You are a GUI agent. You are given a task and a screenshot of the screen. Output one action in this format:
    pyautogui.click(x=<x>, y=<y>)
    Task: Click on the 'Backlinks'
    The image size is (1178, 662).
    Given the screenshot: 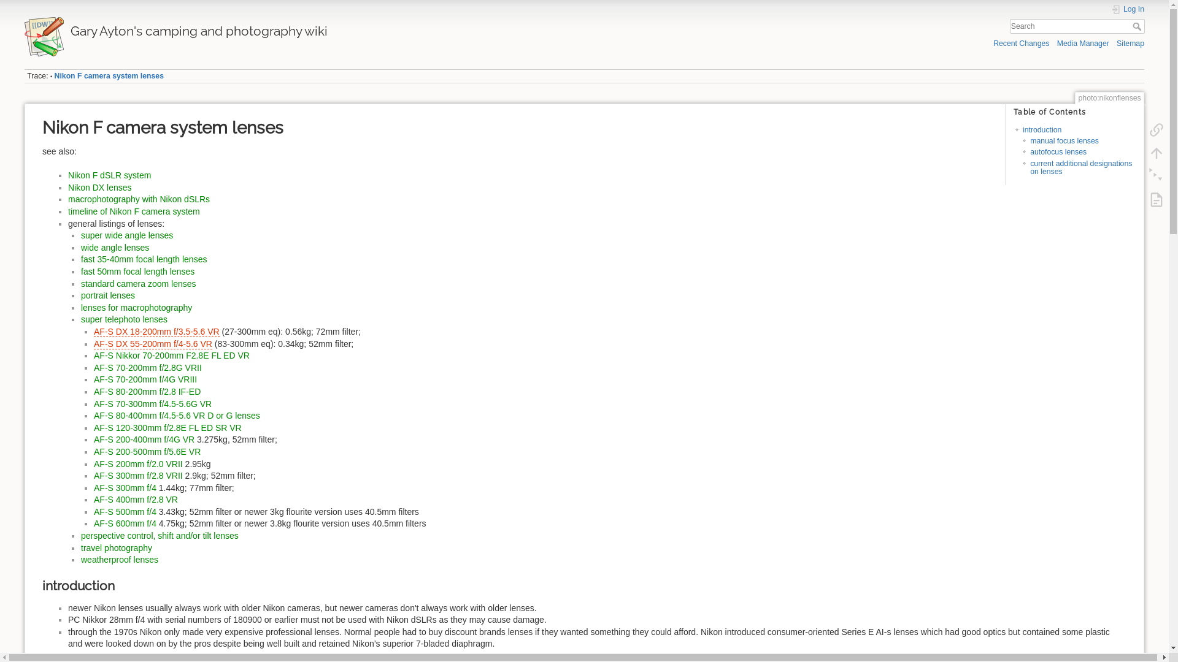 What is the action you would take?
    pyautogui.click(x=1142, y=130)
    